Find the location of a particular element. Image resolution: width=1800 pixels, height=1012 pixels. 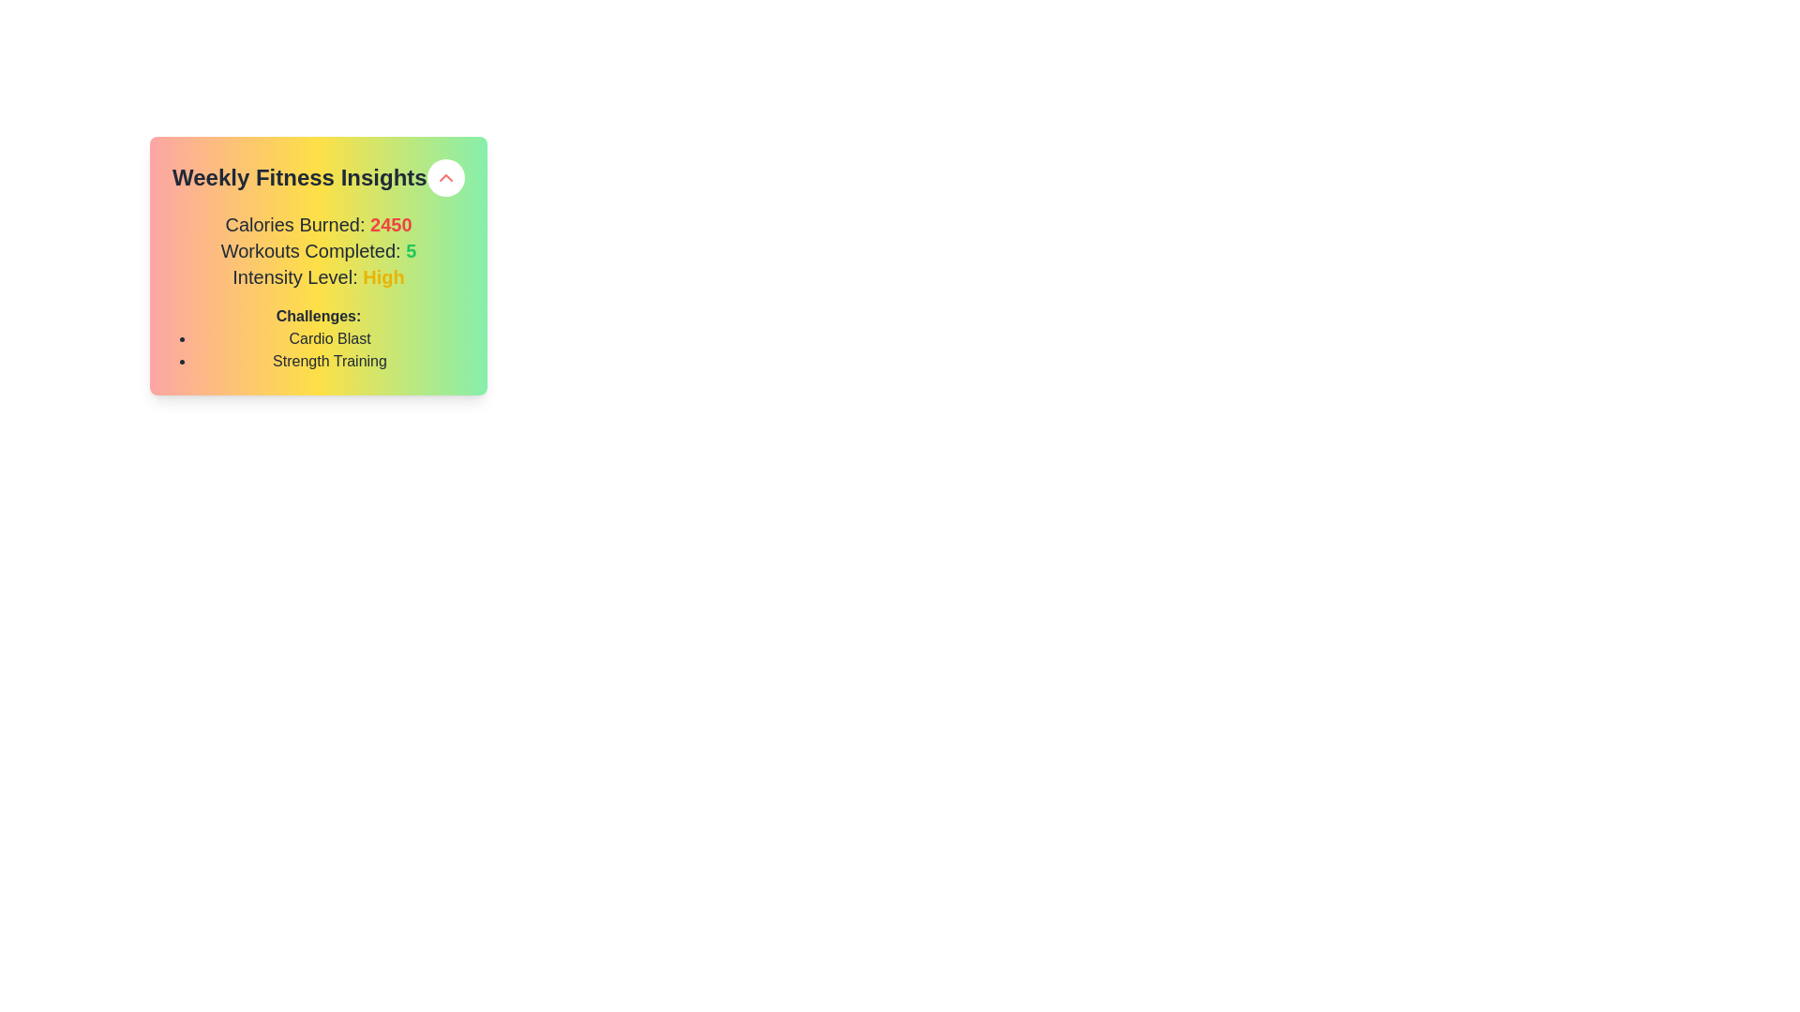

the intensity level of the workout session displayed in the bottom-right section of the 'Weekly Fitness Insights' box, which is located below 'Workouts Completed: 5' is located at coordinates (319, 277).